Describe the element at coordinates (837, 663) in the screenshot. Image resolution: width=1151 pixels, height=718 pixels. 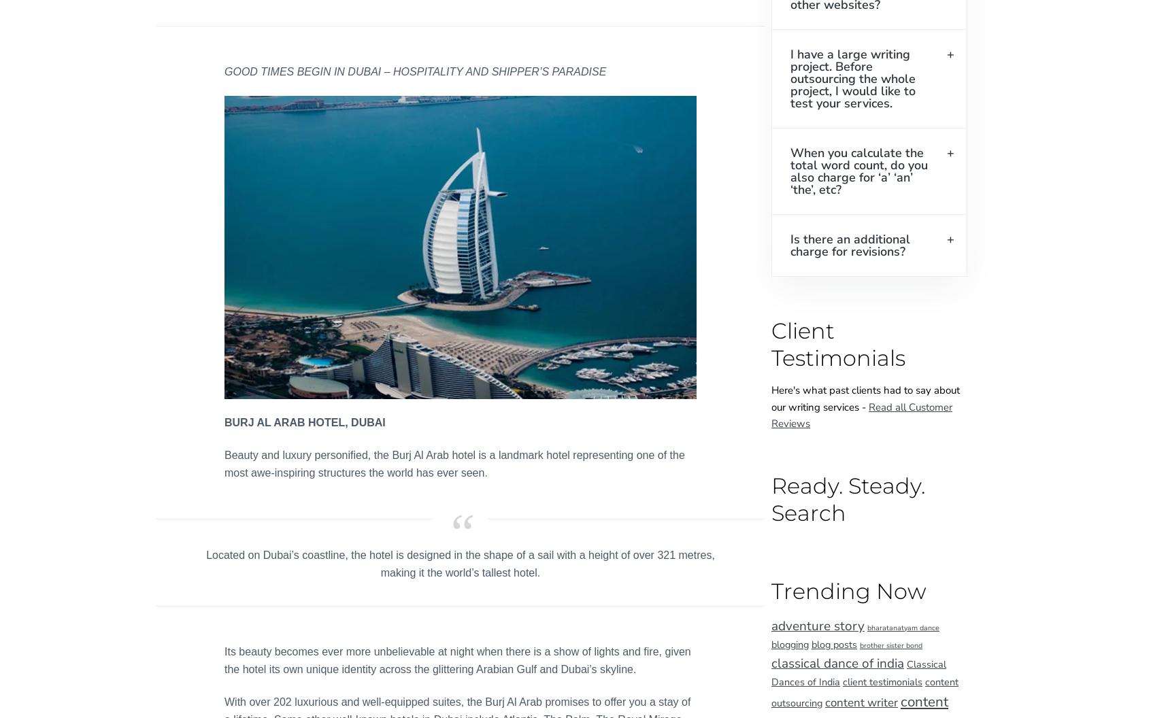
I see `'classical dance of india'` at that location.